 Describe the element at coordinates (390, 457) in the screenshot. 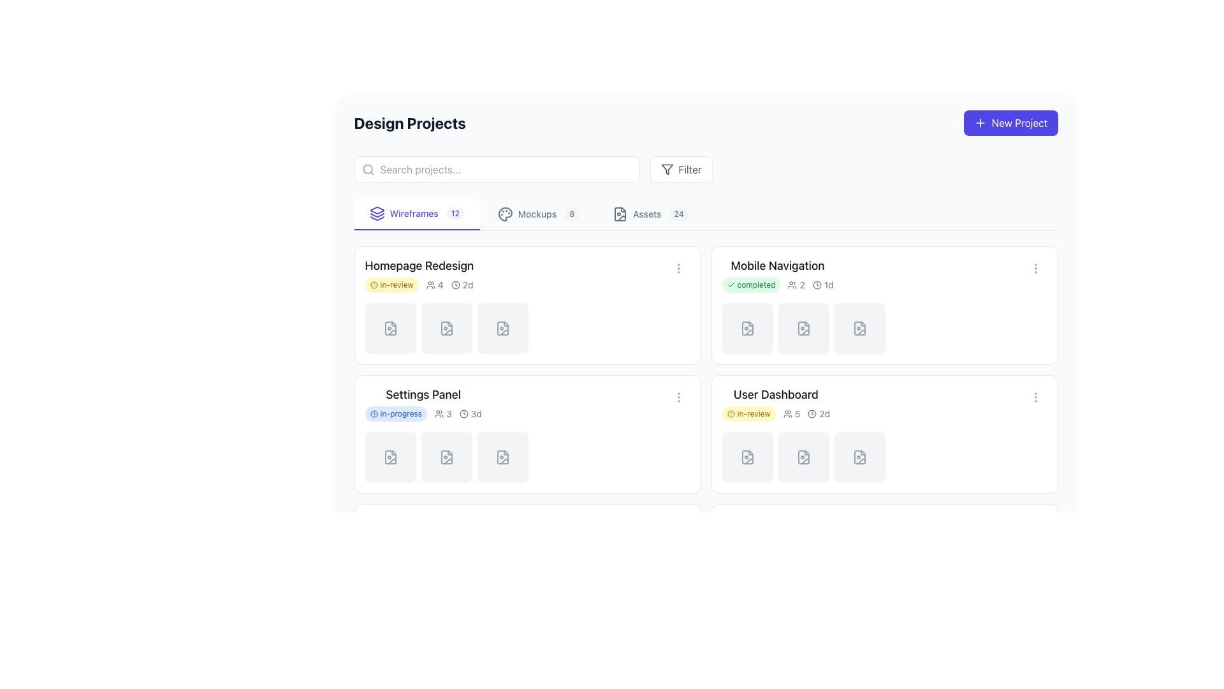

I see `the file icon with a gray outline that resembles a document placeholder, located in the first position of the second row under the 'Settings Panel'` at that location.